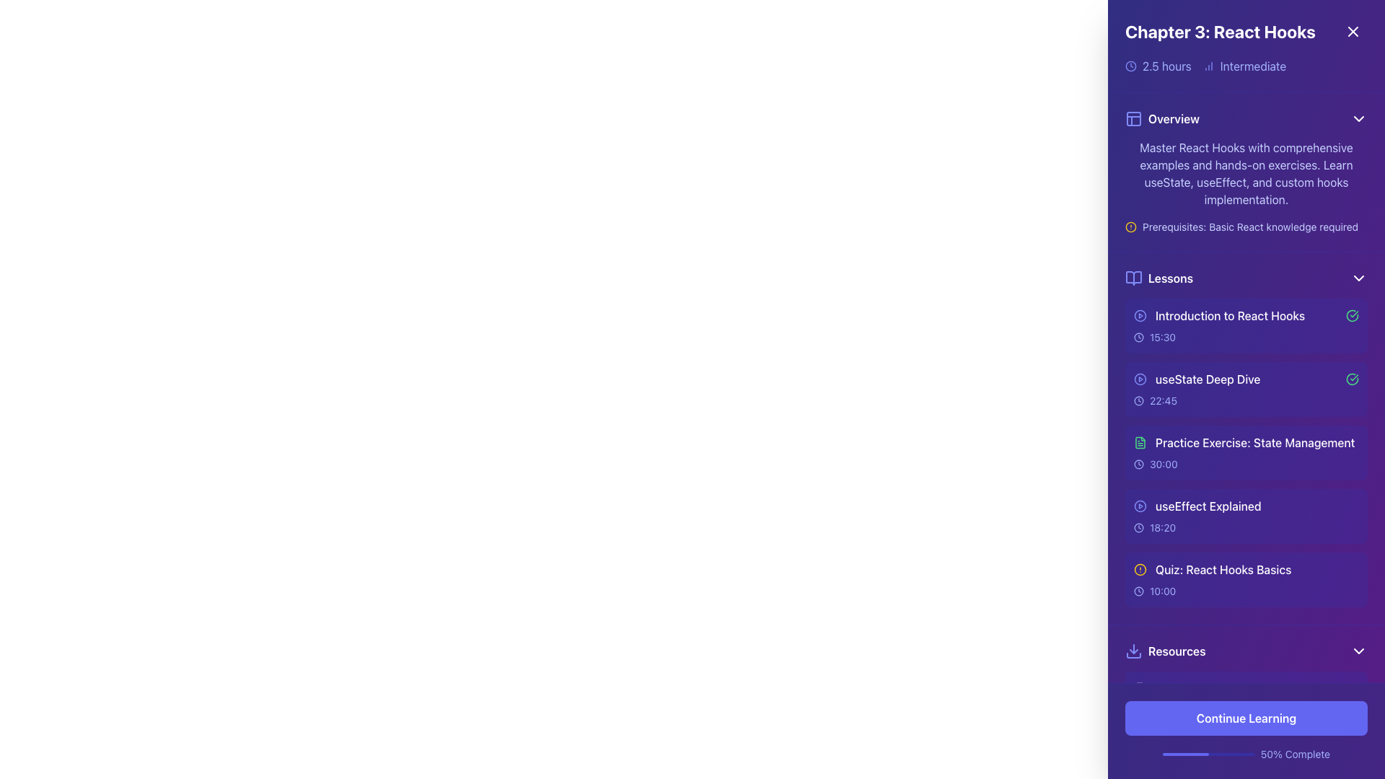 This screenshot has height=779, width=1385. What do you see at coordinates (1197, 378) in the screenshot?
I see `the text 'useState Deep Dive'` at bounding box center [1197, 378].